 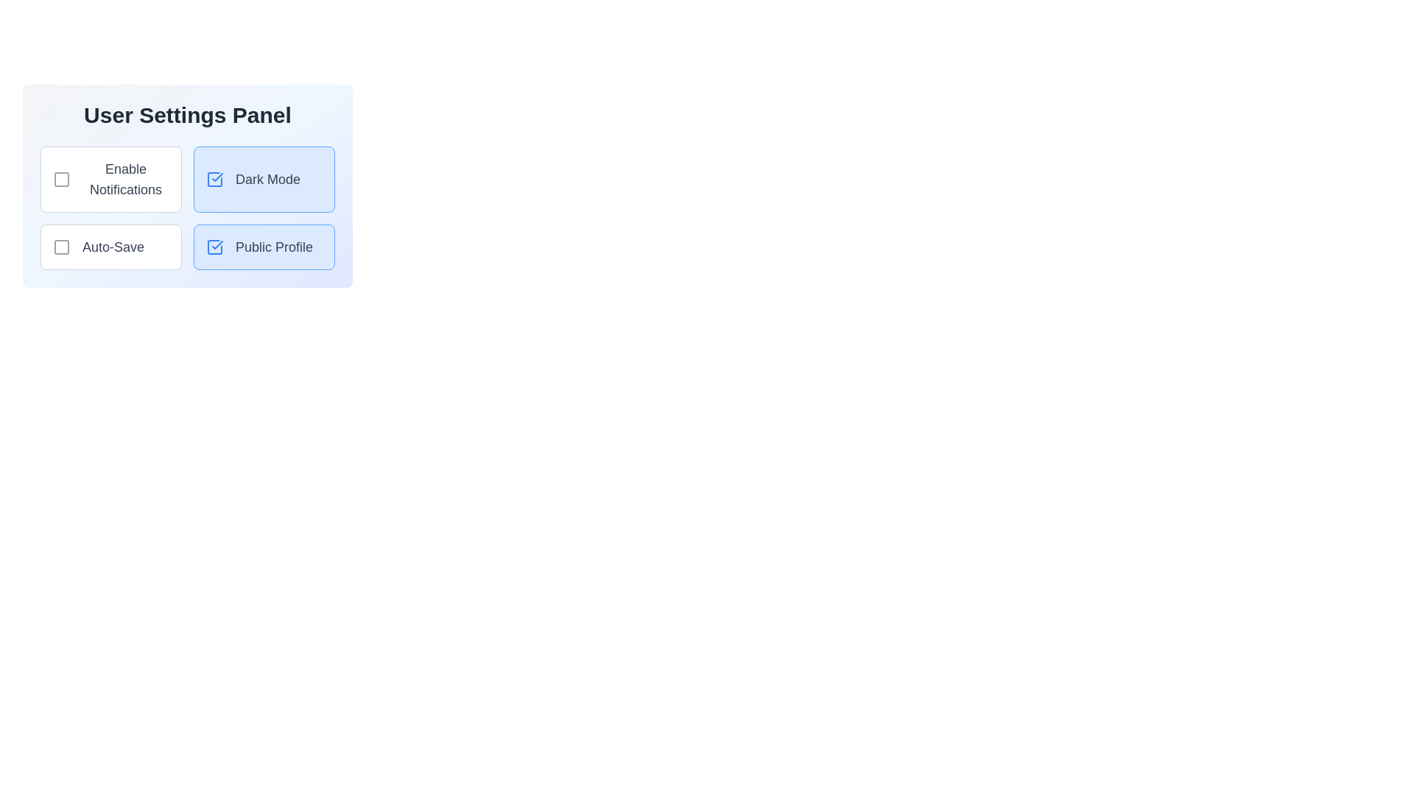 What do you see at coordinates (264, 246) in the screenshot?
I see `the 'Public Profile' button with checkbox, which features a light blue background, a darker blue border, and includes a checkbox with a tick mark and the text 'Public Profile'` at bounding box center [264, 246].